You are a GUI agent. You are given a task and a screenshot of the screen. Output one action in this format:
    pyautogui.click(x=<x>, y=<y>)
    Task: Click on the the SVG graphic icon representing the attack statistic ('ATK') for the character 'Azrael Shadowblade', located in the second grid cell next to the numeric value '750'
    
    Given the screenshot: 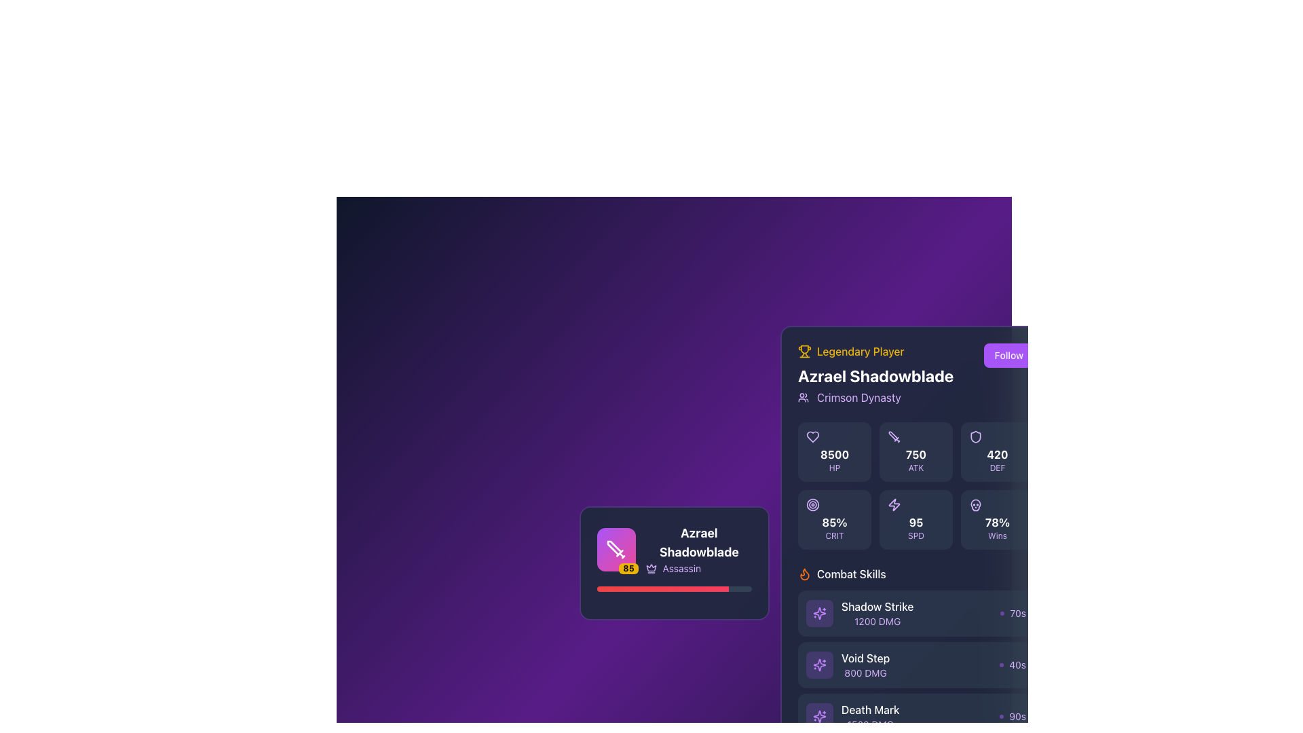 What is the action you would take?
    pyautogui.click(x=892, y=436)
    